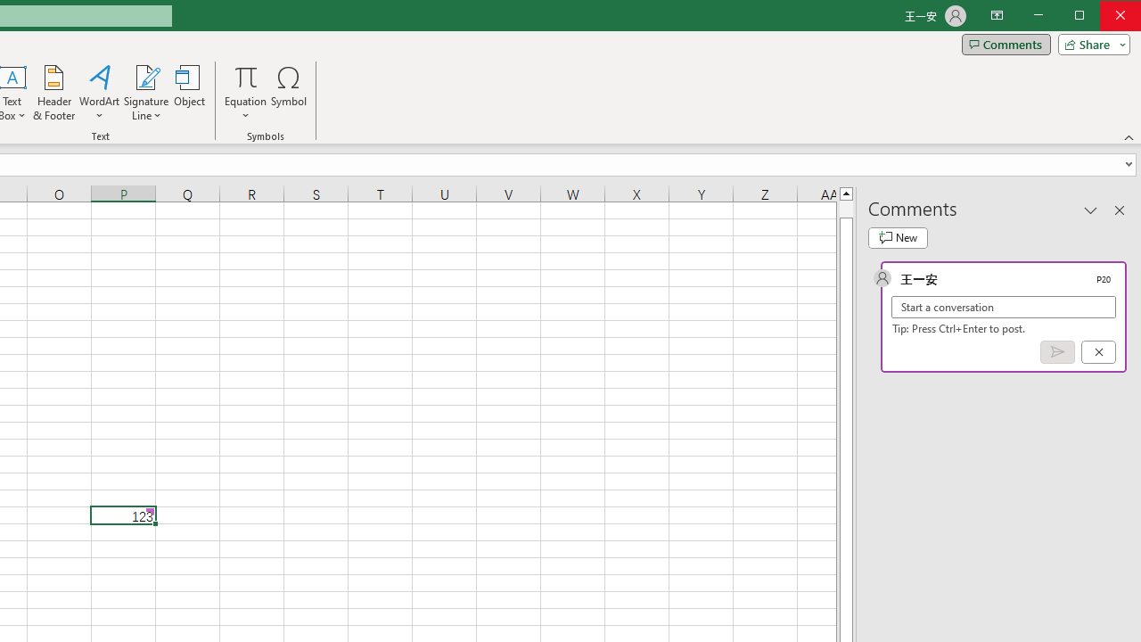 The image size is (1141, 642). Describe the element at coordinates (99, 93) in the screenshot. I see `'WordArt'` at that location.